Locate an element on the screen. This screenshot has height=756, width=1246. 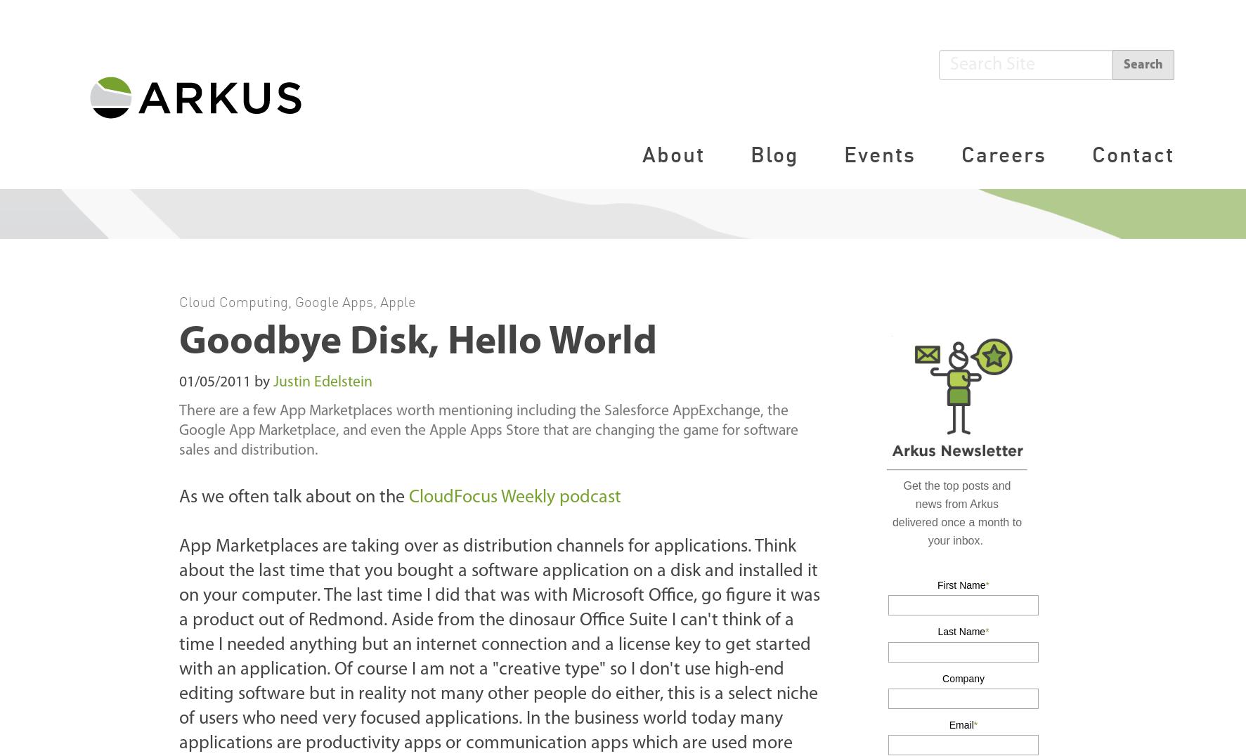
'CloudFocus Weekly podcast' is located at coordinates (514, 497).